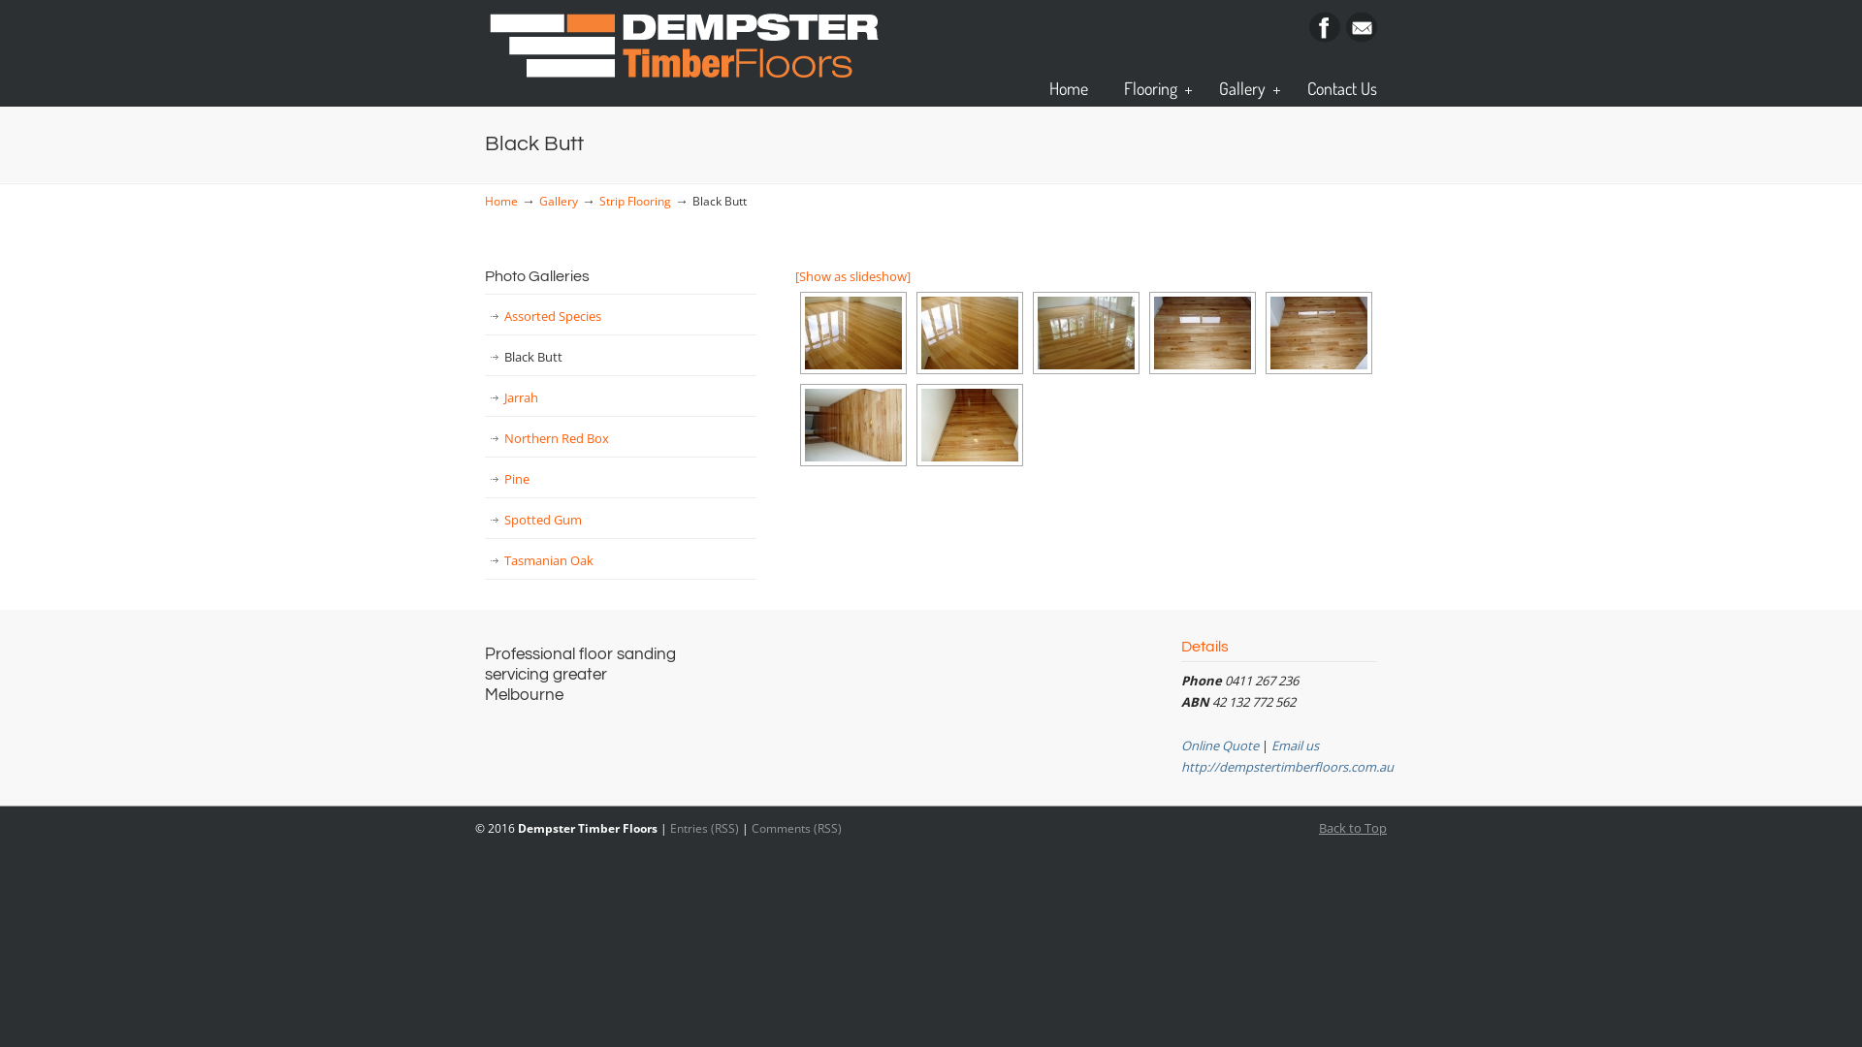 Image resolution: width=1862 pixels, height=1047 pixels. What do you see at coordinates (1324, 37) in the screenshot?
I see `'Facebook'` at bounding box center [1324, 37].